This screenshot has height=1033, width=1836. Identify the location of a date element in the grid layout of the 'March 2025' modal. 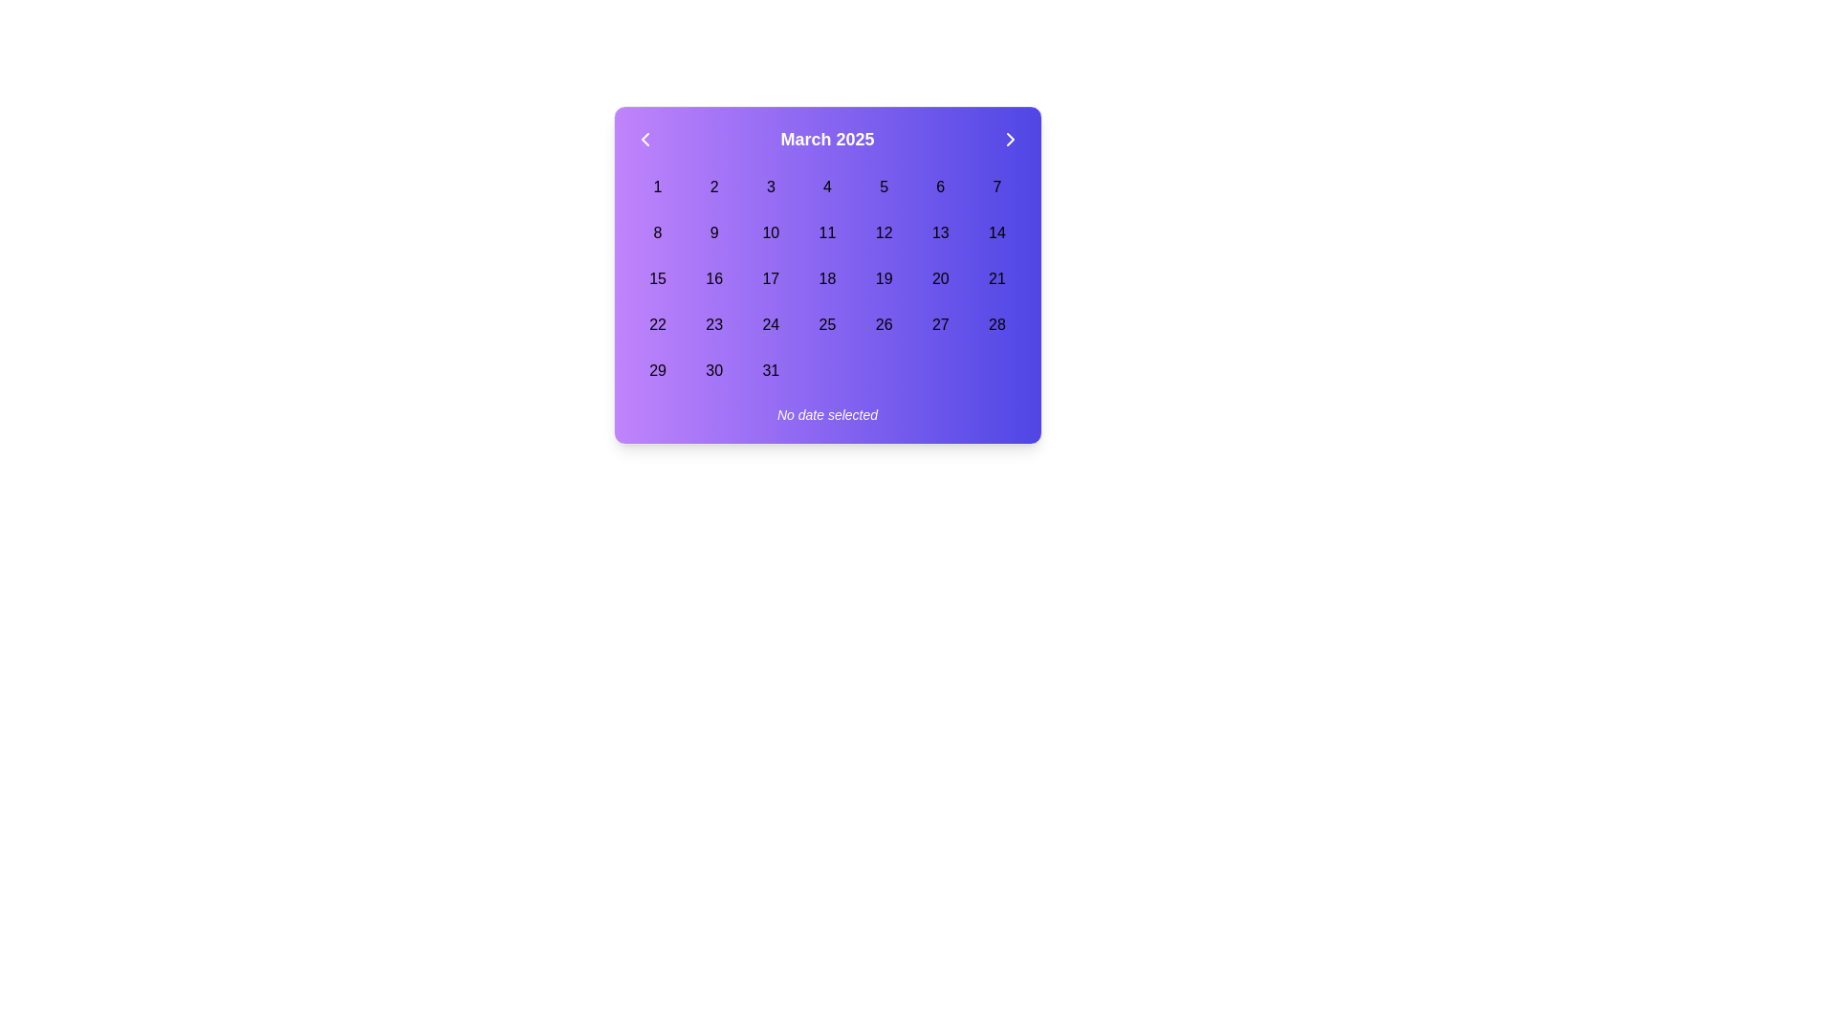
(827, 279).